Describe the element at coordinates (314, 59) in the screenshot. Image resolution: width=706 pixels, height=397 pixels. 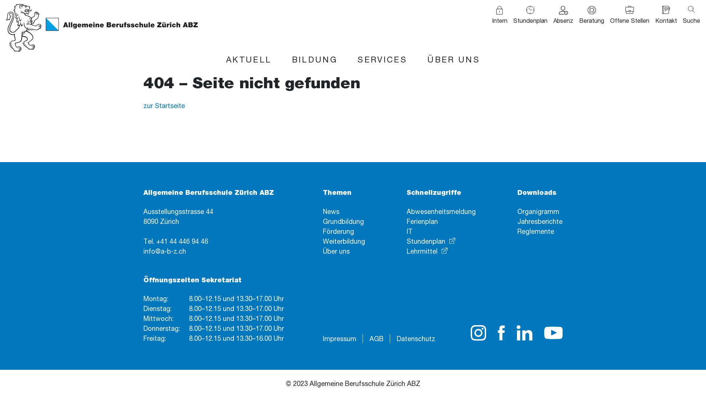
I see `'BILDUNG'` at that location.